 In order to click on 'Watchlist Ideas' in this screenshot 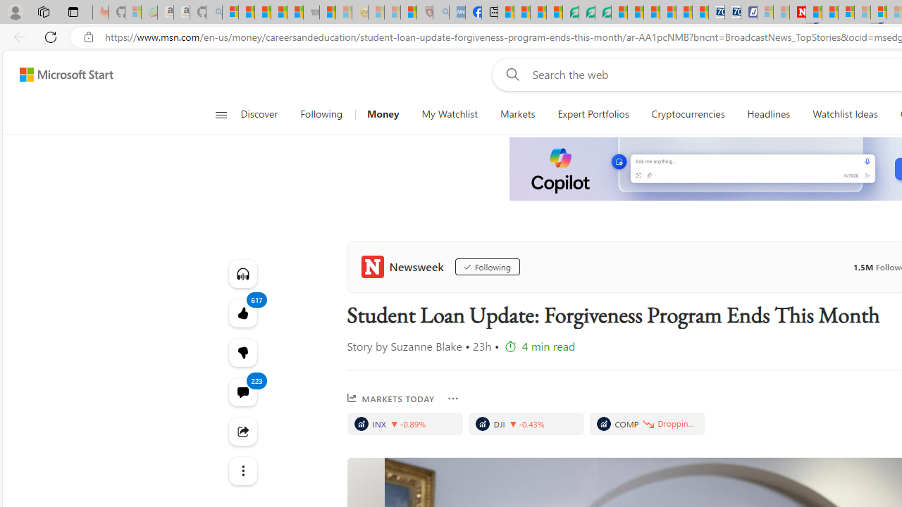, I will do `click(845, 114)`.